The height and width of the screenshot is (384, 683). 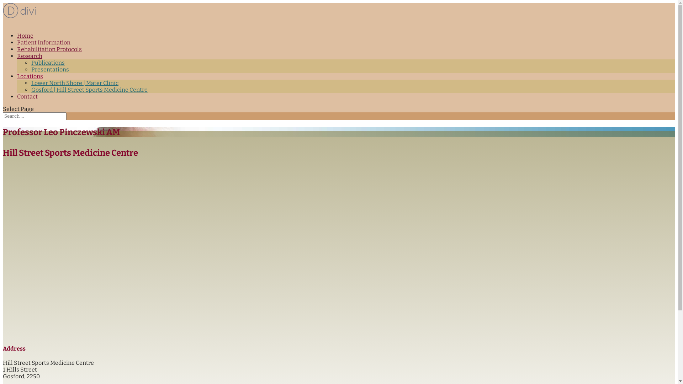 What do you see at coordinates (89, 89) in the screenshot?
I see `'Gosford | Hill Street Sports Medicine Centre'` at bounding box center [89, 89].